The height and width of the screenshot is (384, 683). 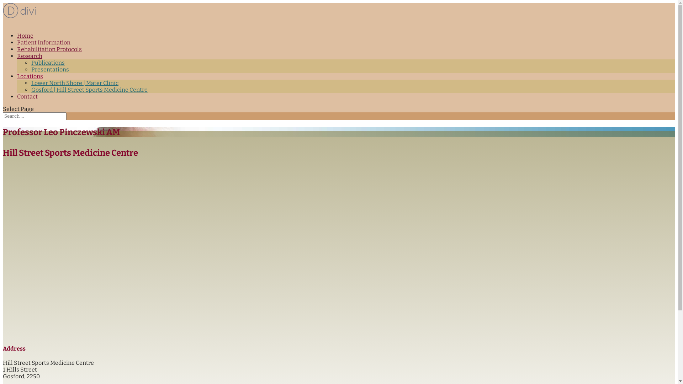 What do you see at coordinates (89, 89) in the screenshot?
I see `'Gosford | Hill Street Sports Medicine Centre'` at bounding box center [89, 89].